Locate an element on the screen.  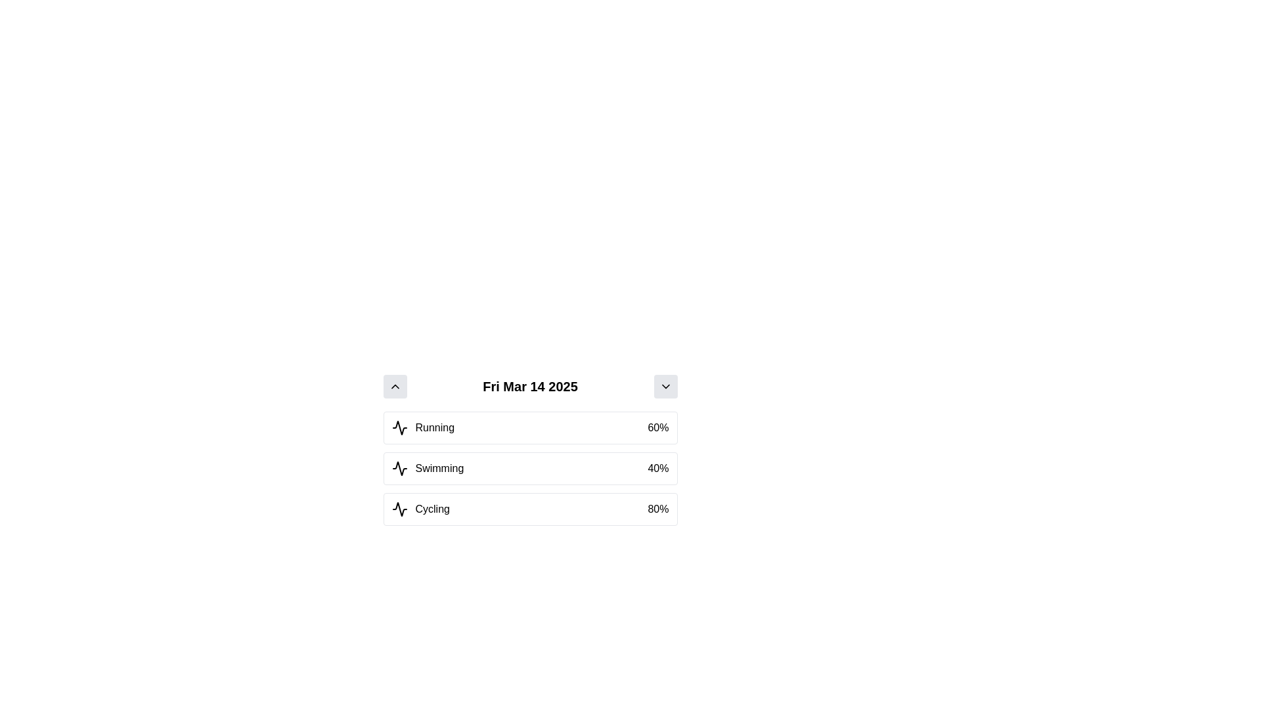
the activity waveform icon, which is styled with a black outline and positioned next to the text 'Cycling' in the bottom-most row of the visible list is located at coordinates (399, 508).